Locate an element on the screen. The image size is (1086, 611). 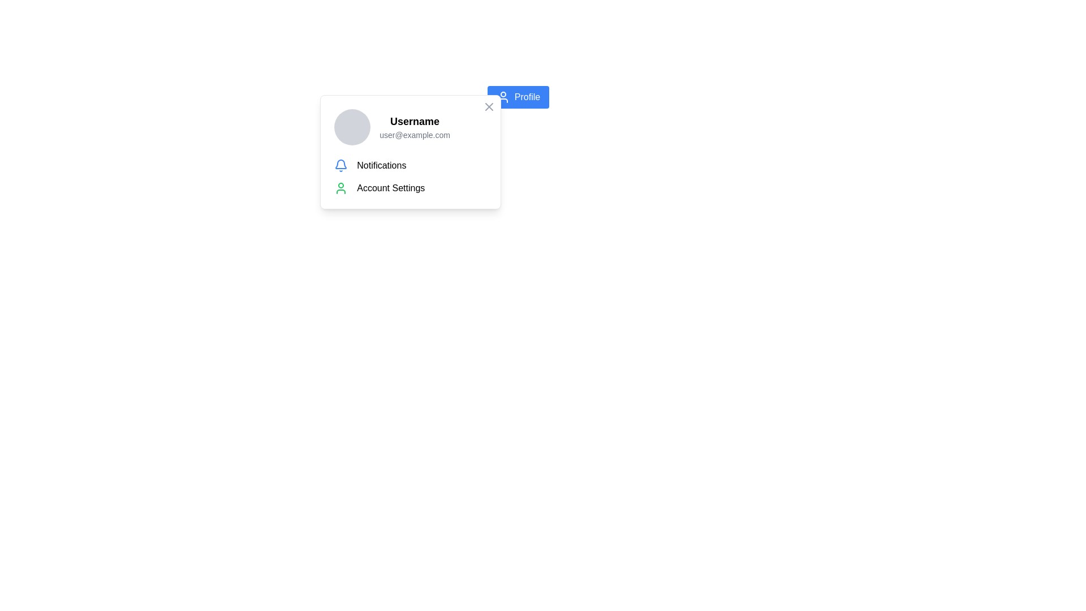
the dropdown menu item located below the 'Profile' button is located at coordinates (410, 152).